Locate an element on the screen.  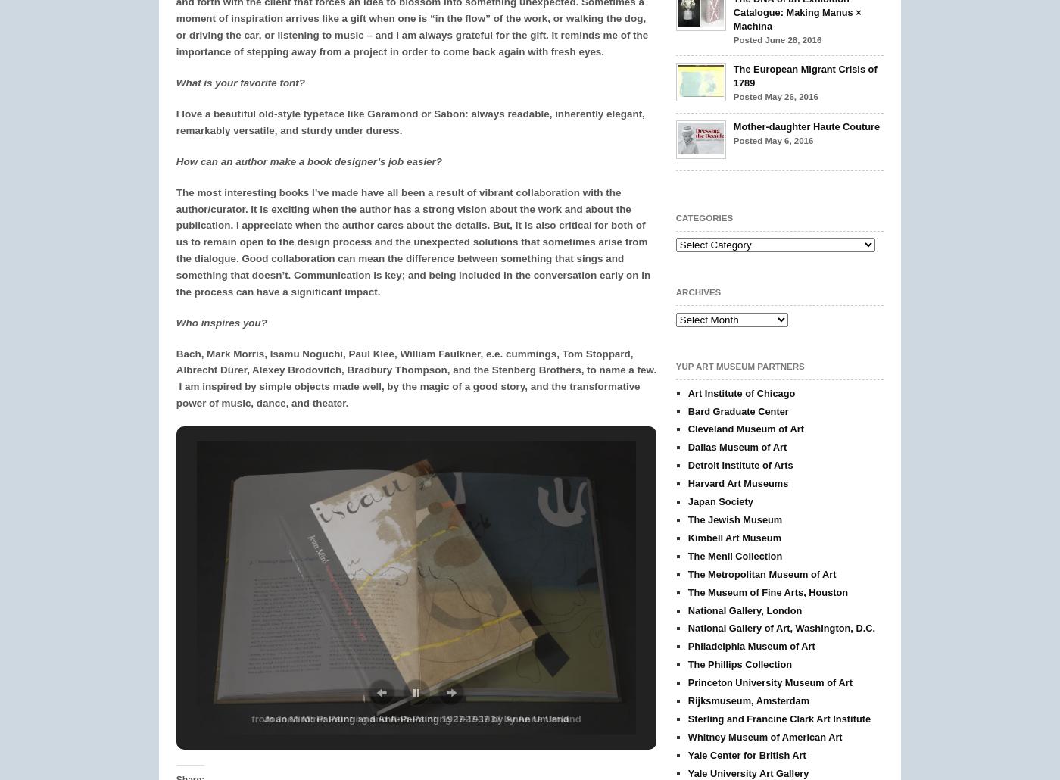
'From the Designer’s Desk' is located at coordinates (864, 36).